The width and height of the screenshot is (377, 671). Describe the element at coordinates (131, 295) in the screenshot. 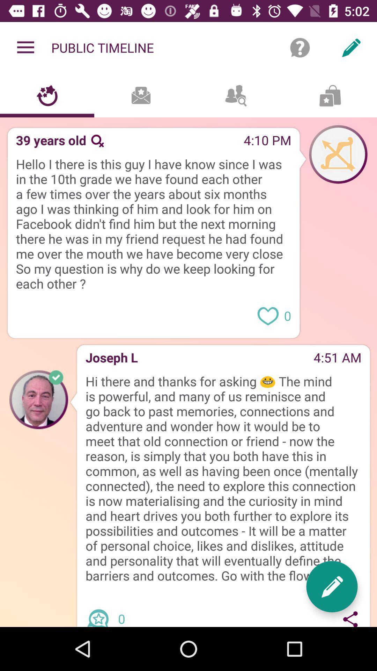

I see `the icon below the hello i there` at that location.